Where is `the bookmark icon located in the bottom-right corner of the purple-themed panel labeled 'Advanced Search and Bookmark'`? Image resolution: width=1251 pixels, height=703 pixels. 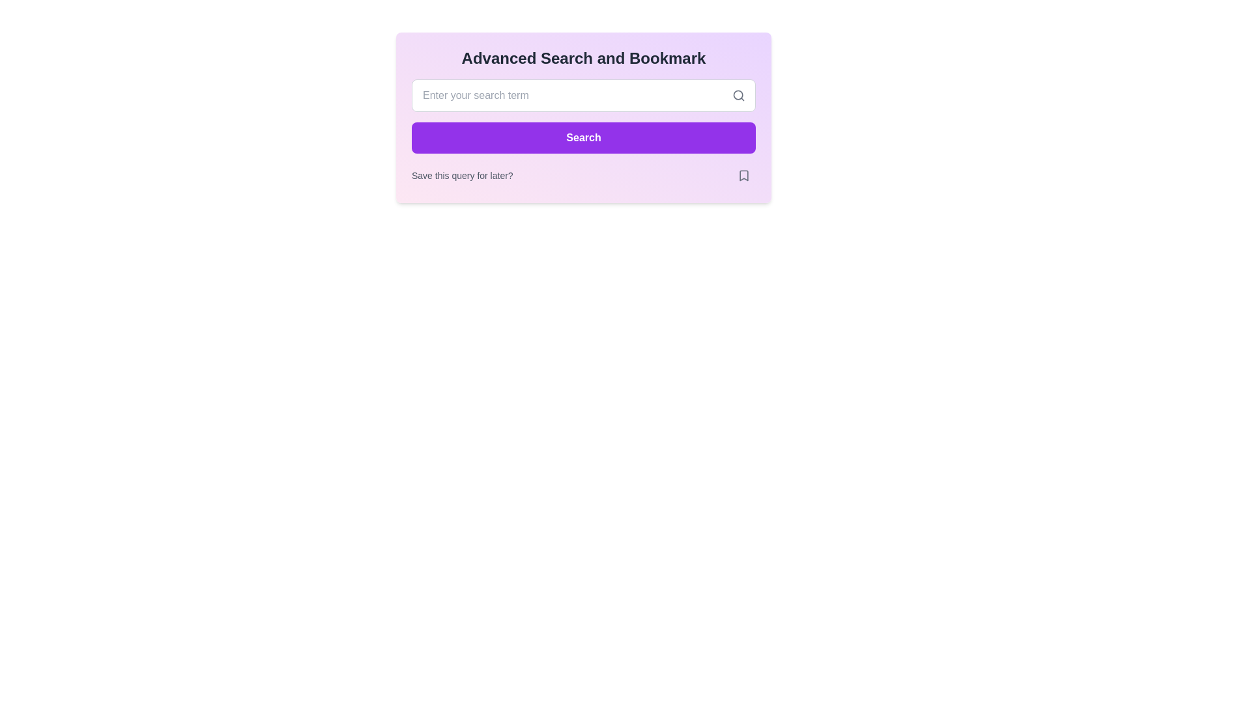 the bookmark icon located in the bottom-right corner of the purple-themed panel labeled 'Advanced Search and Bookmark' is located at coordinates (744, 176).